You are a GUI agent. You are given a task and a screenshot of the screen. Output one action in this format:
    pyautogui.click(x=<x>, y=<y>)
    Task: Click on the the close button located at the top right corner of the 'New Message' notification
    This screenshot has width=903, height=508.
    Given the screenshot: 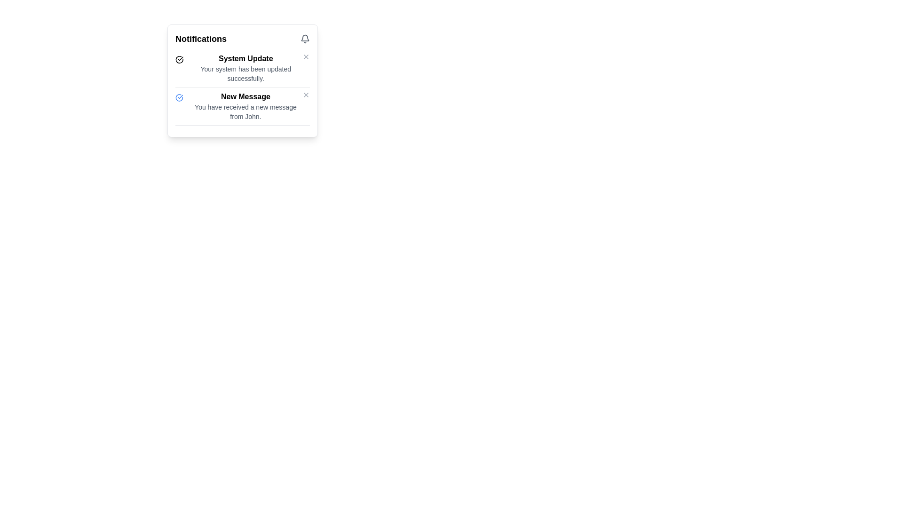 What is the action you would take?
    pyautogui.click(x=306, y=95)
    